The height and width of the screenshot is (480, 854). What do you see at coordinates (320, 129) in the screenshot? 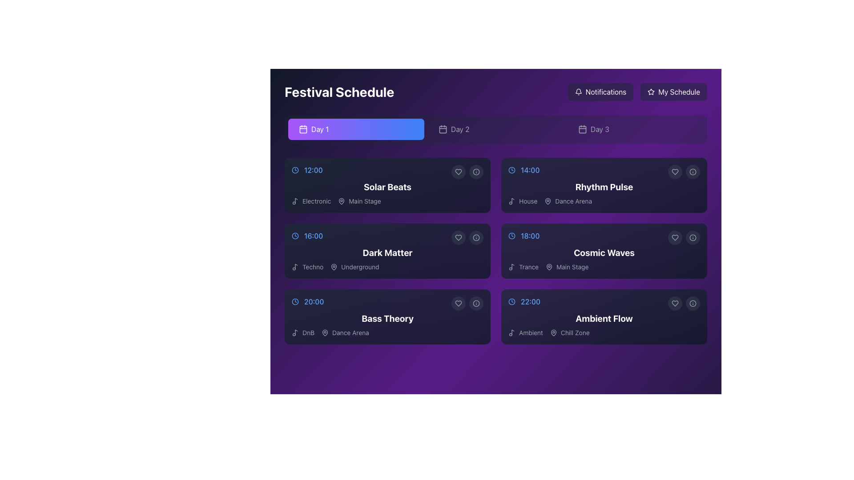
I see `the 'Day 1' text label within the button in the 'Festival Schedule' interface` at bounding box center [320, 129].